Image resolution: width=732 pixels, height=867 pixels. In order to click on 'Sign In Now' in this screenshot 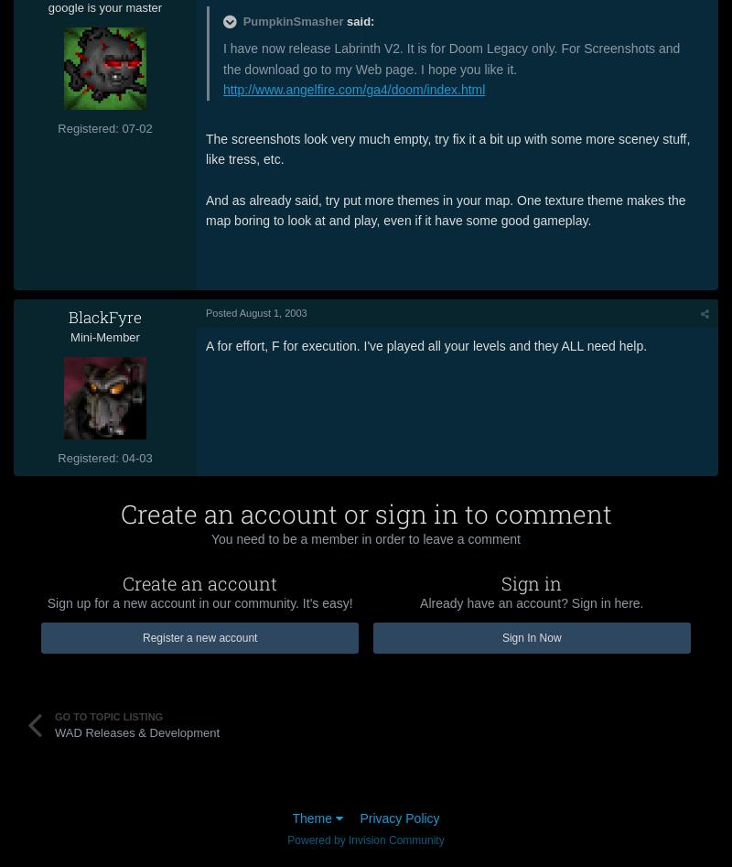, I will do `click(530, 636)`.